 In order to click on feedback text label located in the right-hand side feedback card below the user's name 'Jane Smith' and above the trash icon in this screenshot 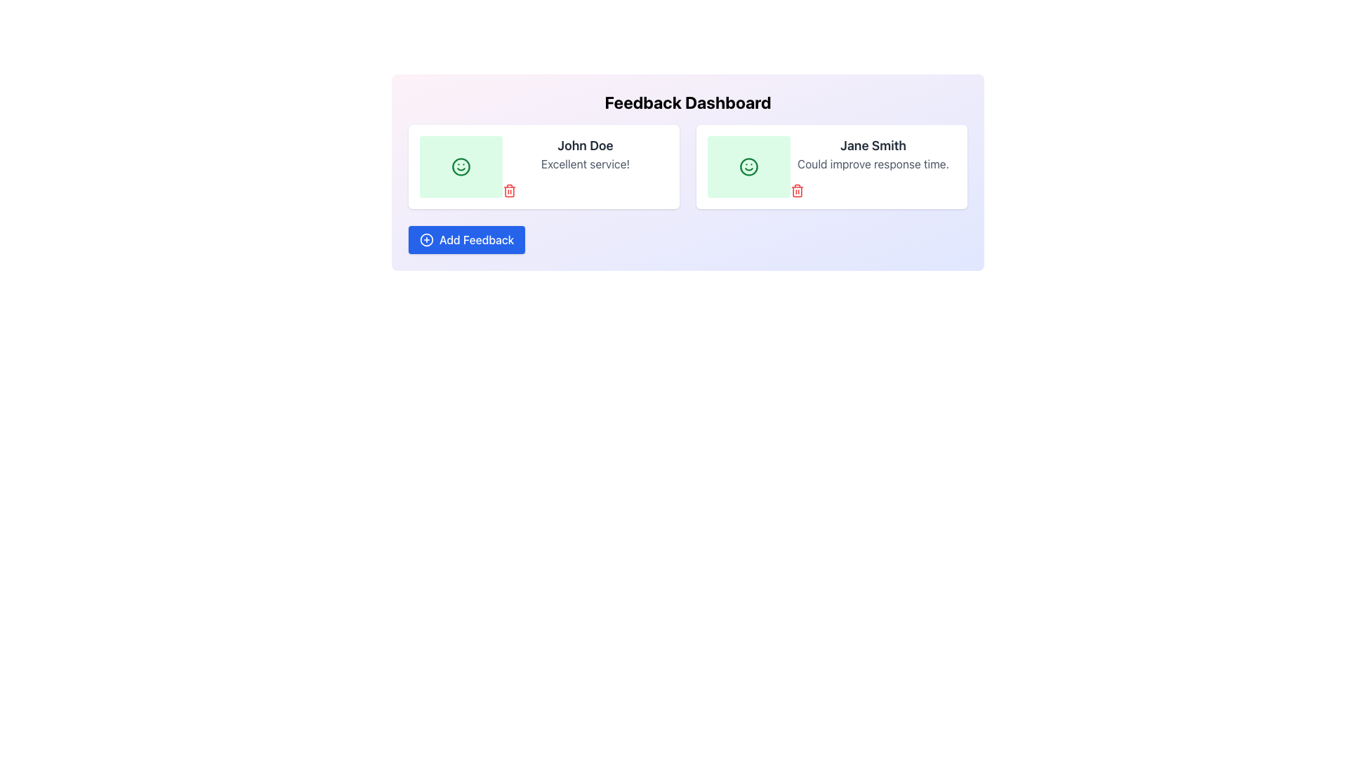, I will do `click(872, 164)`.